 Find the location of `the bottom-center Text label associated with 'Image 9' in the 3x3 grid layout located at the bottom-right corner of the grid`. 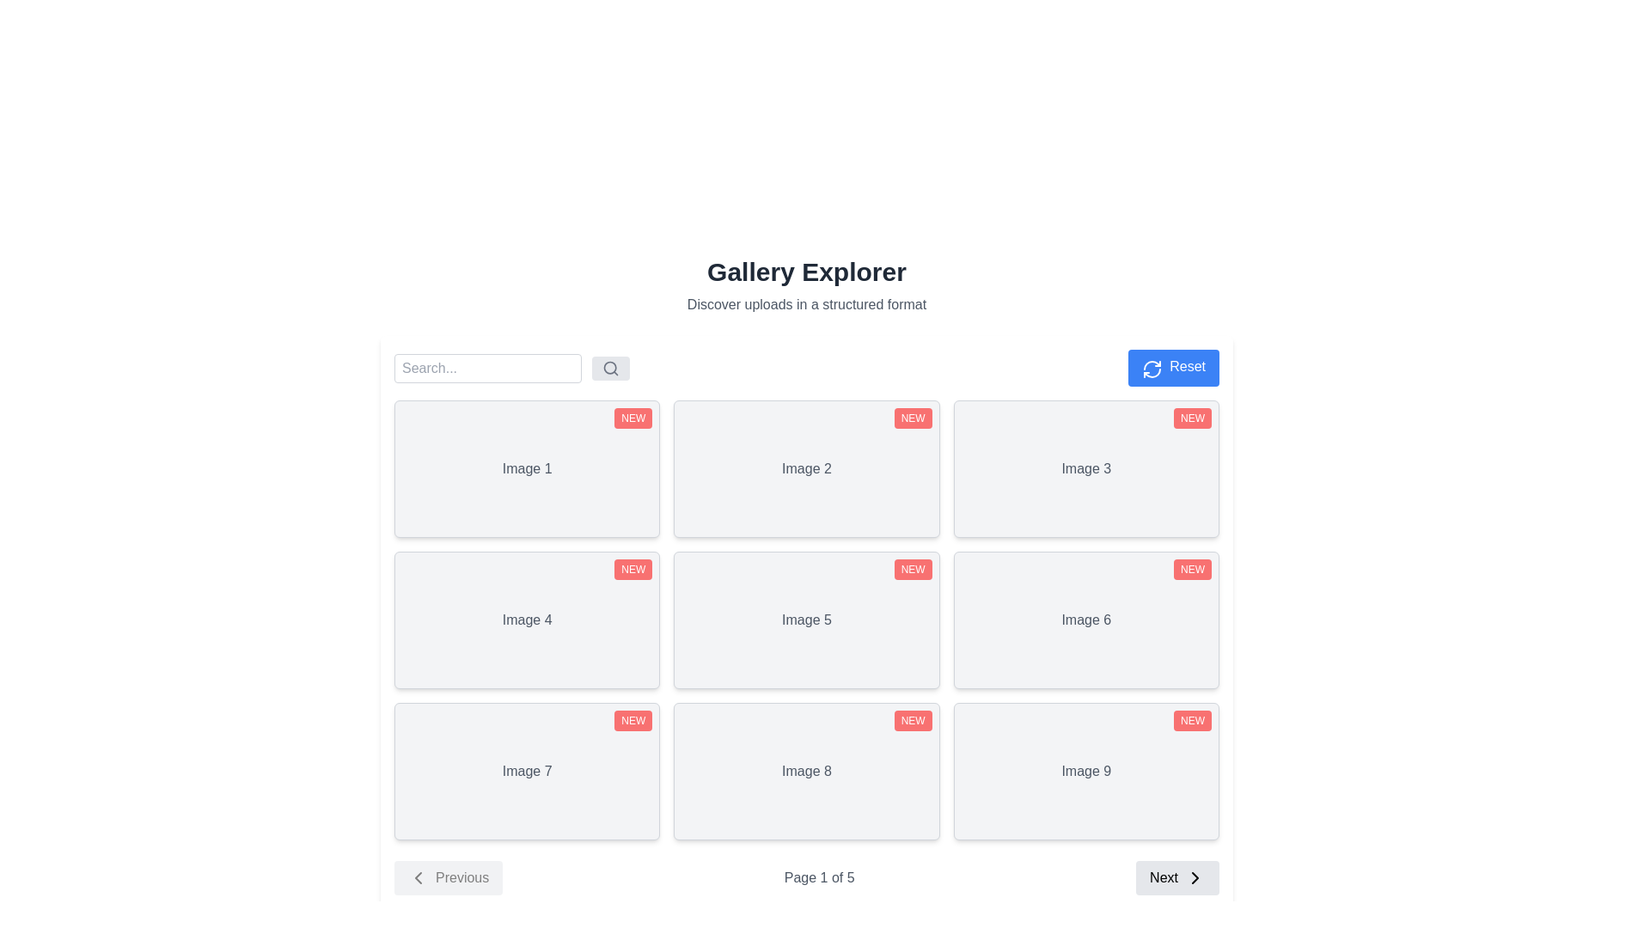

the bottom-center Text label associated with 'Image 9' in the 3x3 grid layout located at the bottom-right corner of the grid is located at coordinates (1085, 771).